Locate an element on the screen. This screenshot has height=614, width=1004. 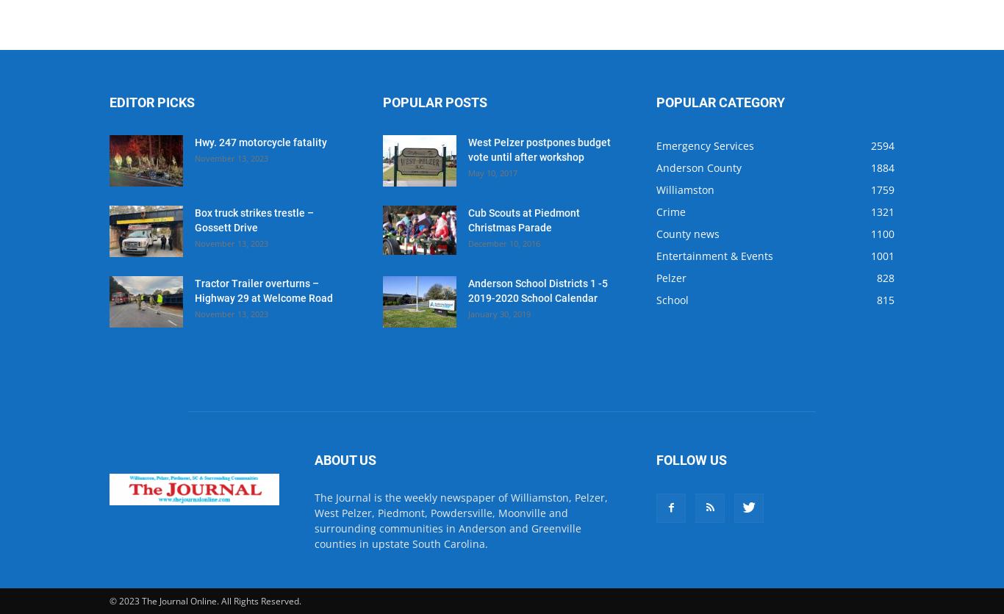
'815' is located at coordinates (885, 299).